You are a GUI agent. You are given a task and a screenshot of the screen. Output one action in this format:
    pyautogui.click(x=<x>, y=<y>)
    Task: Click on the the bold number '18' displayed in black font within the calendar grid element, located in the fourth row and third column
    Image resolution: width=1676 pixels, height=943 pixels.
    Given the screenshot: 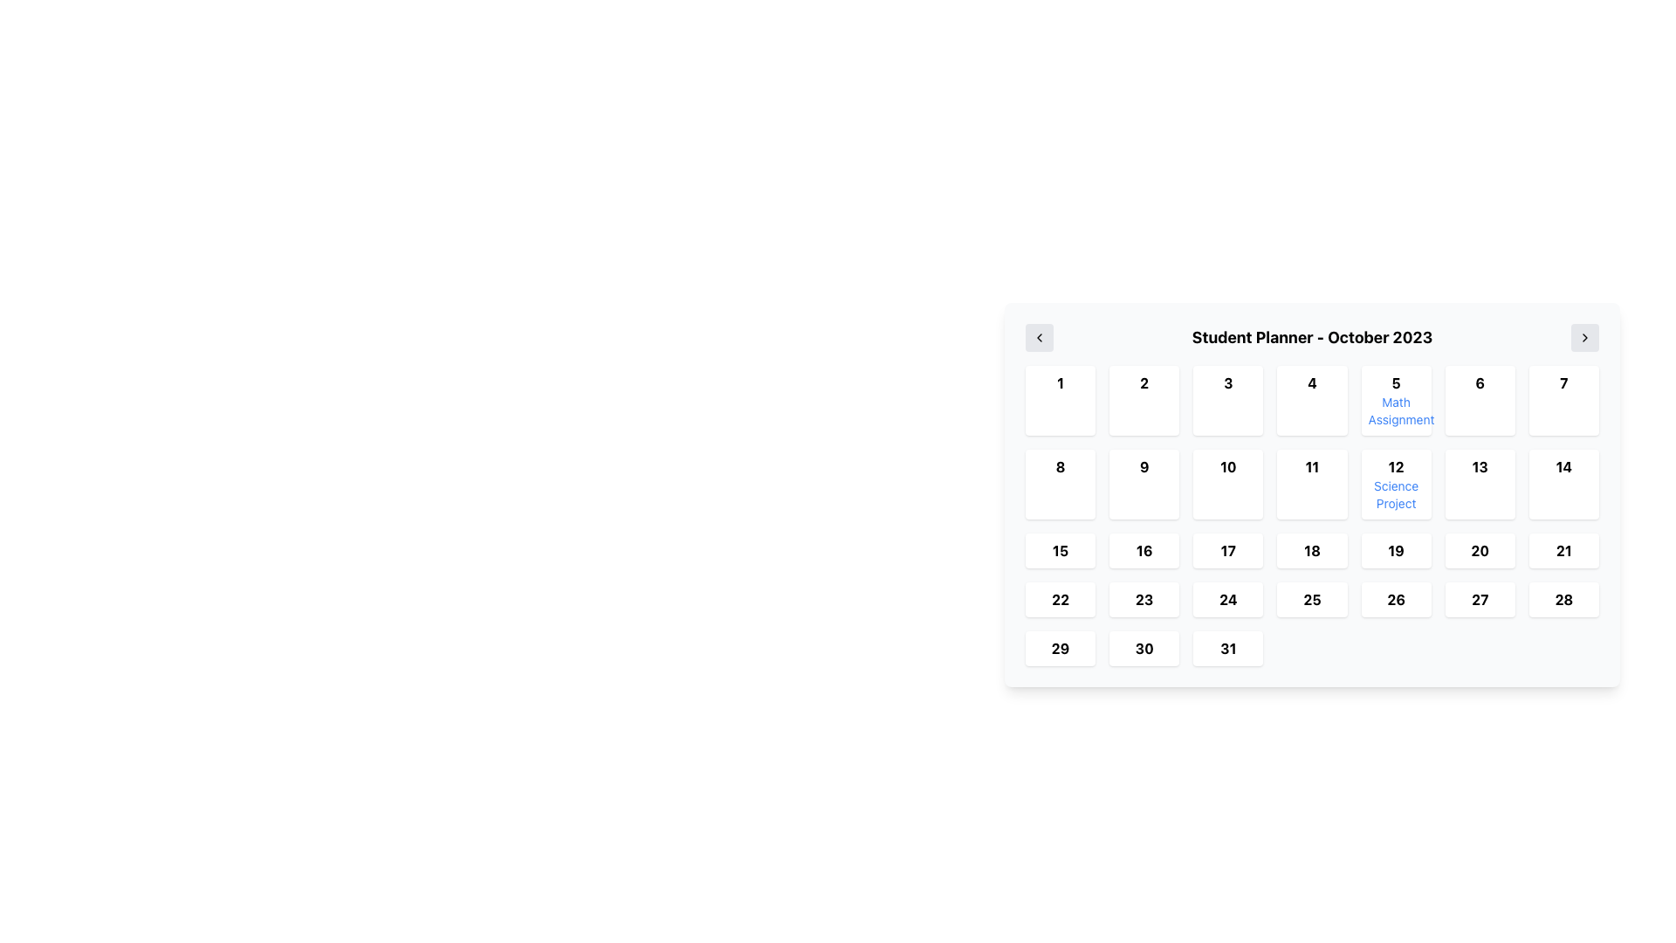 What is the action you would take?
    pyautogui.click(x=1312, y=551)
    